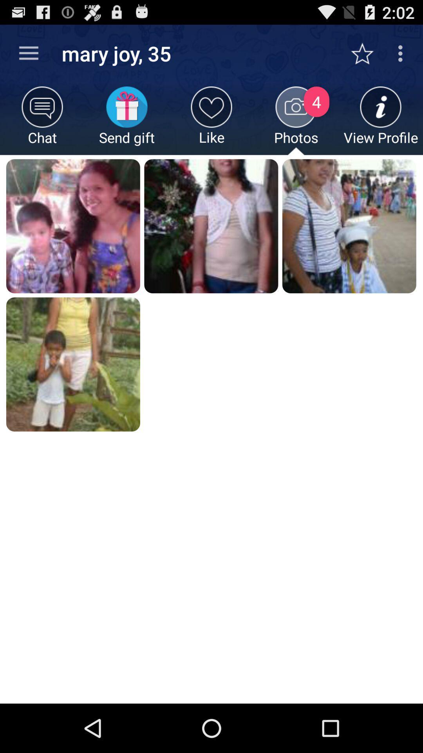 This screenshot has width=423, height=753. What do you see at coordinates (211, 120) in the screenshot?
I see `the button next to send gift` at bounding box center [211, 120].